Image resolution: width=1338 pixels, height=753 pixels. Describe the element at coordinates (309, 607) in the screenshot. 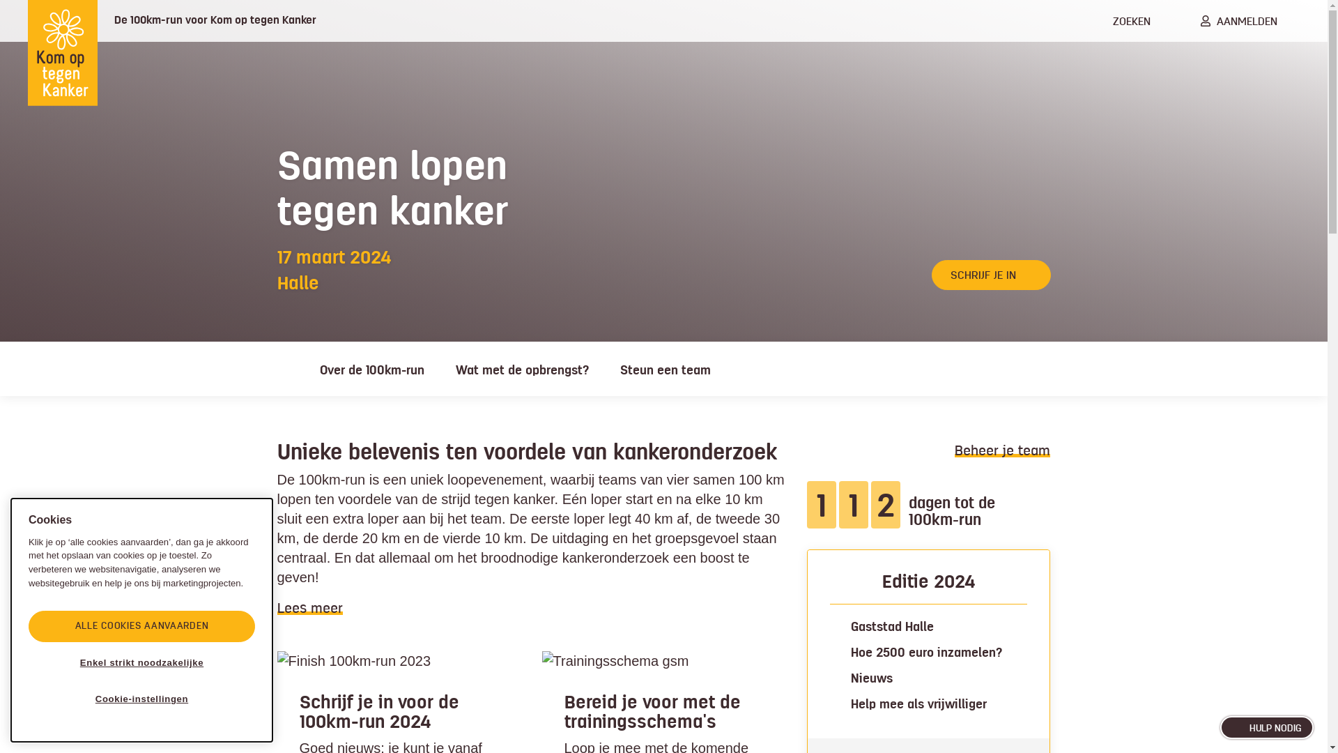

I see `'Lees meer'` at that location.